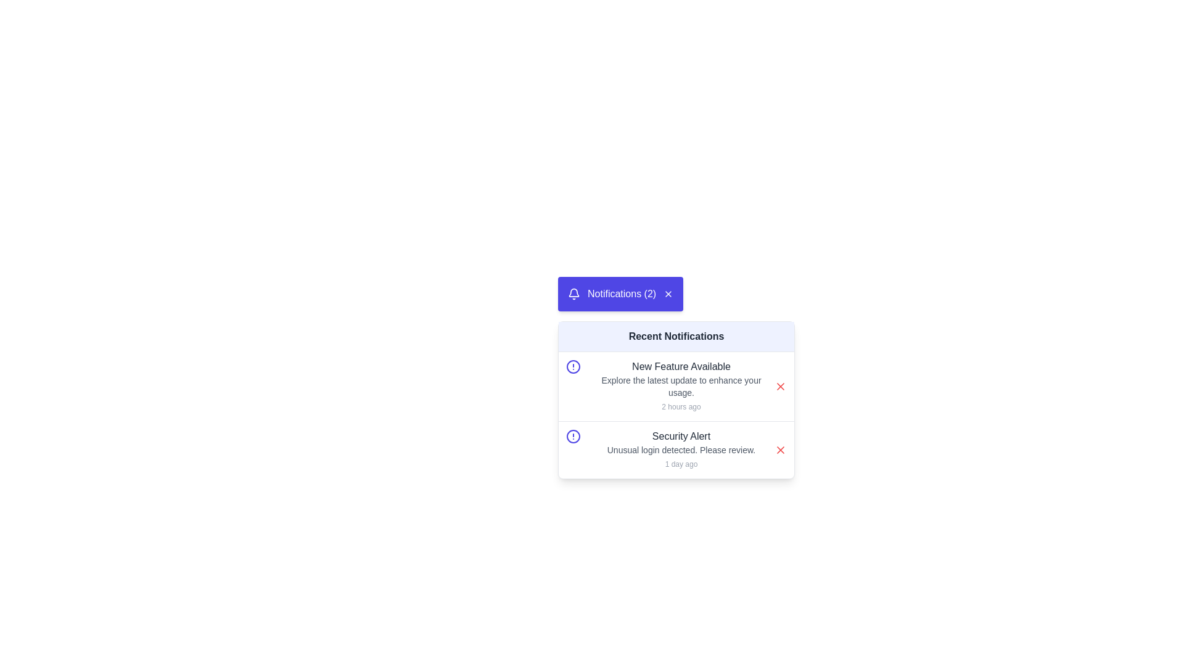 This screenshot has width=1184, height=666. I want to click on the title text of the first notification in the 'Recent Notifications' section, which summarizes the notification's content, so click(680, 366).